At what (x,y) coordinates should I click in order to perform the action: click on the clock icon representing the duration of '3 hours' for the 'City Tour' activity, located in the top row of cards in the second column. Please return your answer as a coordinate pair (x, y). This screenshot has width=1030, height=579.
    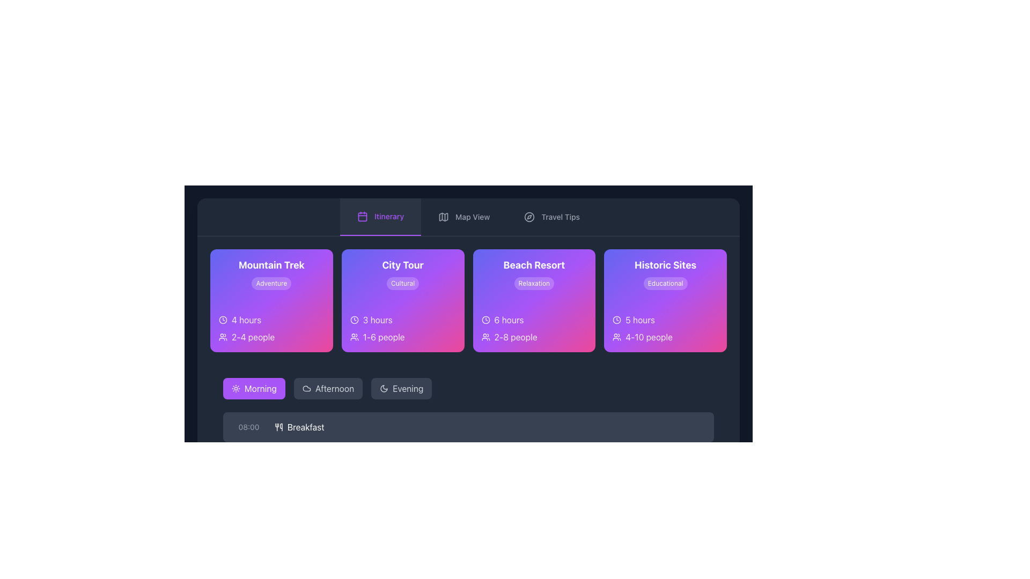
    Looking at the image, I should click on (354, 320).